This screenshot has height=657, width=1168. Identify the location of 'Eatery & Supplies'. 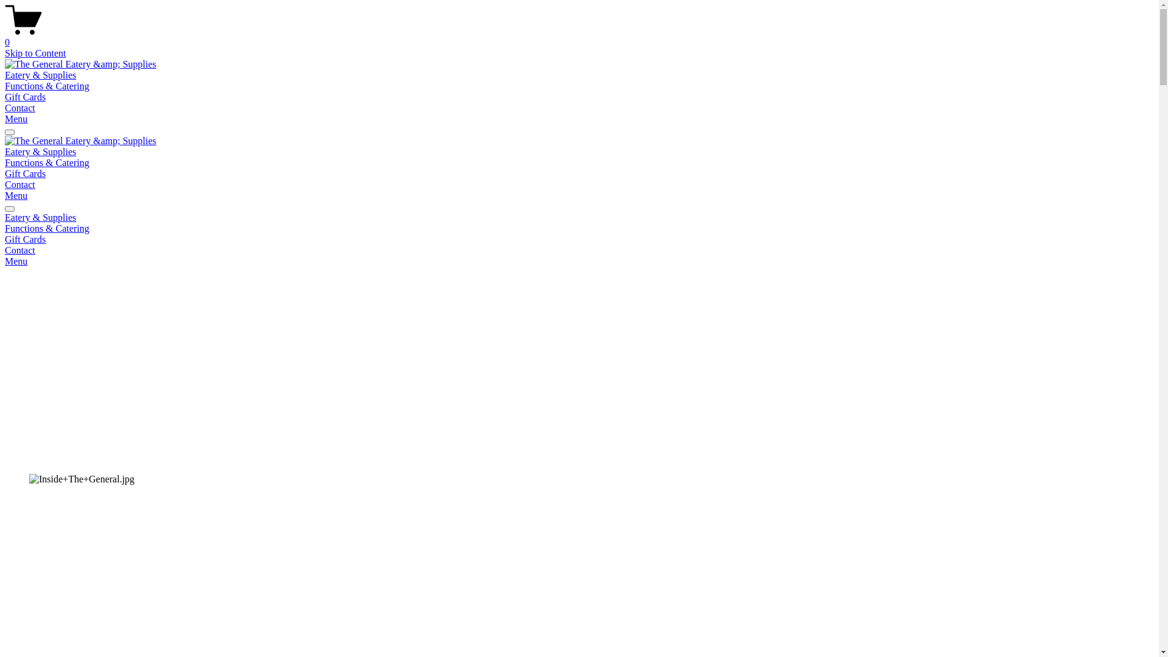
(40, 75).